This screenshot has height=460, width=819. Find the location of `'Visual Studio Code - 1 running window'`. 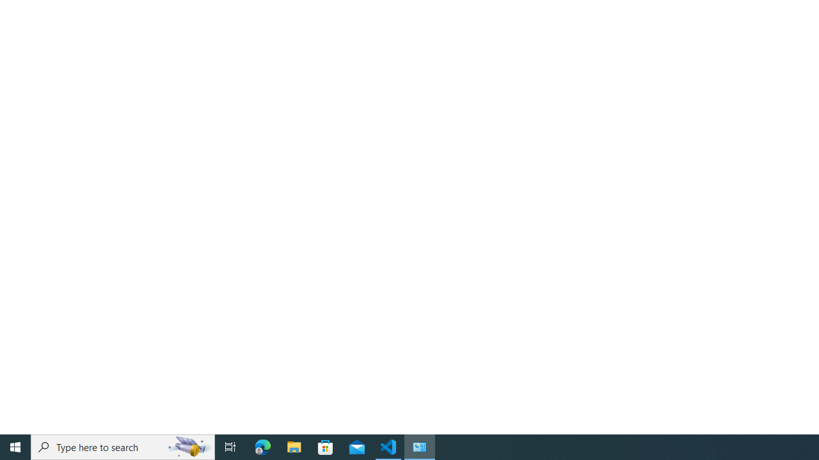

'Visual Studio Code - 1 running window' is located at coordinates (388, 446).